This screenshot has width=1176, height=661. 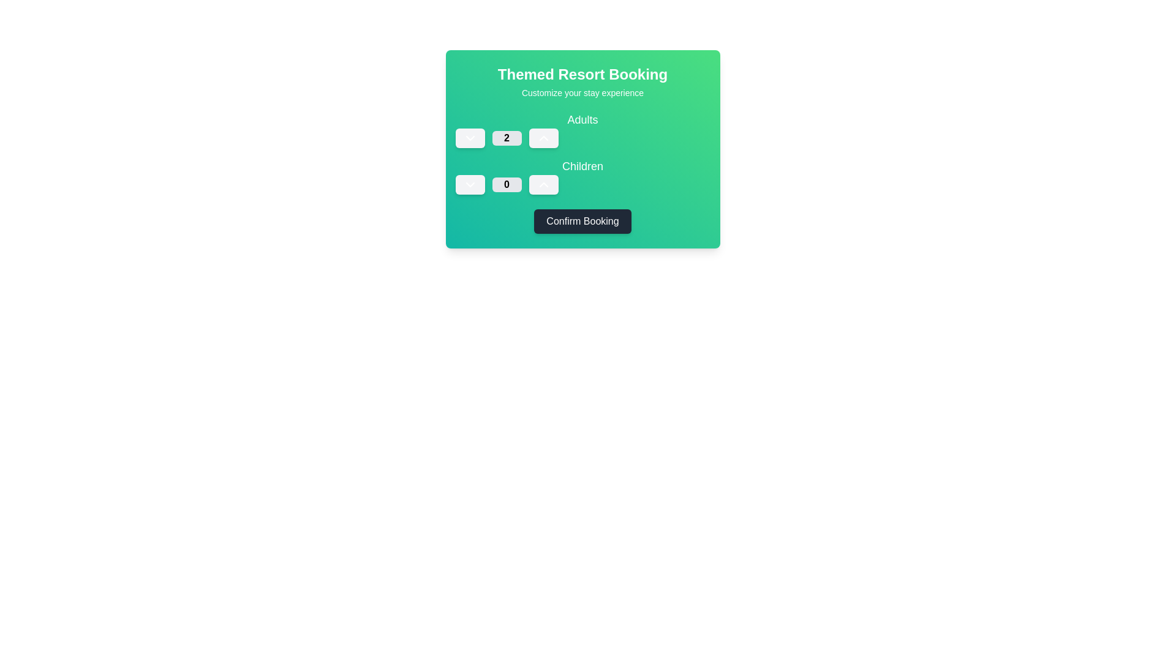 I want to click on the text label reading 'Children', which is styled in a larger font and positioned below the 'Adults' section and above the 'Confirm Booking' button, so click(x=582, y=176).